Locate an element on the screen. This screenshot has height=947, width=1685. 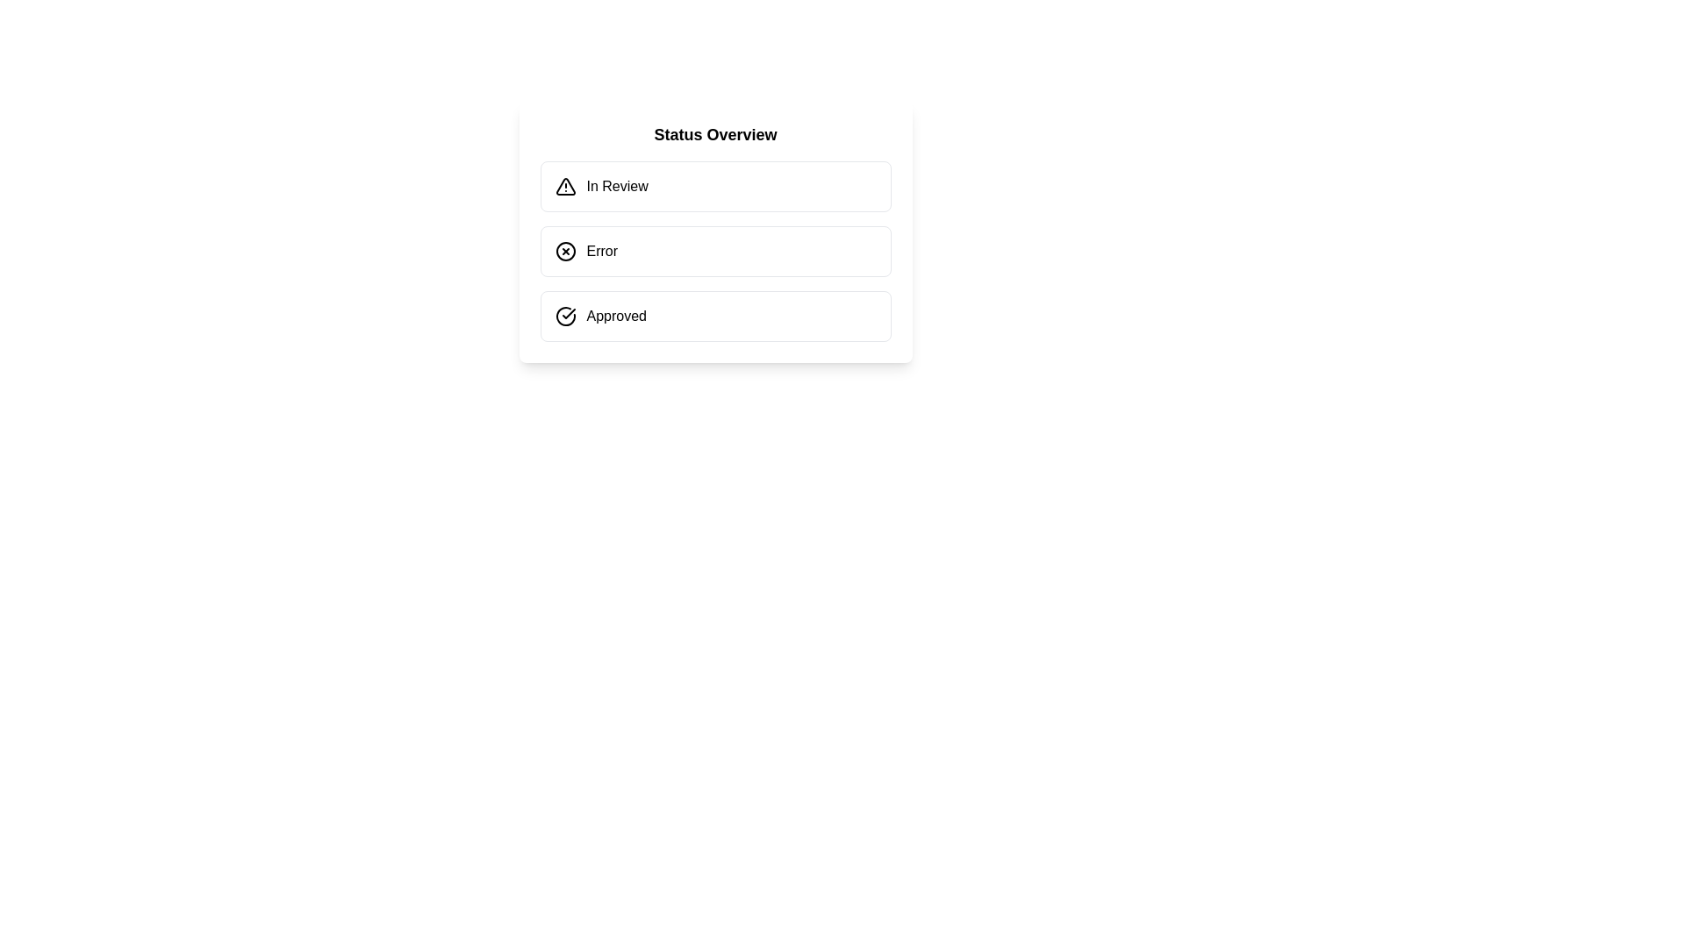
the circular outline icon with a cross, which is located to the left of the 'Error' label in the second row of the 'Status Overview' status card is located at coordinates (565, 251).